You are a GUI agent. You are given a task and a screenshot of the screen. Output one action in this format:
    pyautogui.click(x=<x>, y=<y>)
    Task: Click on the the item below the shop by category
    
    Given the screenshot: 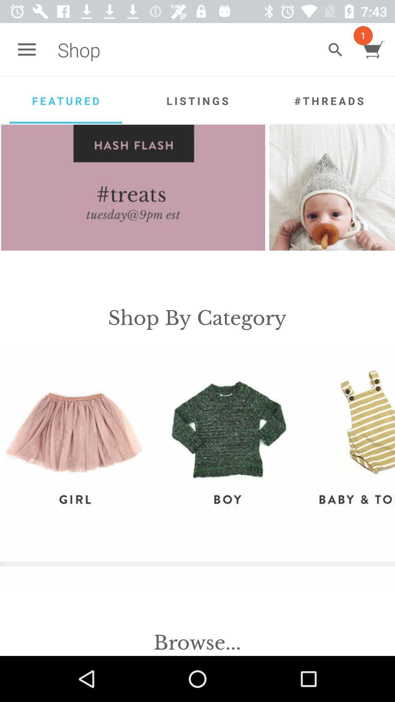 What is the action you would take?
    pyautogui.click(x=74, y=434)
    